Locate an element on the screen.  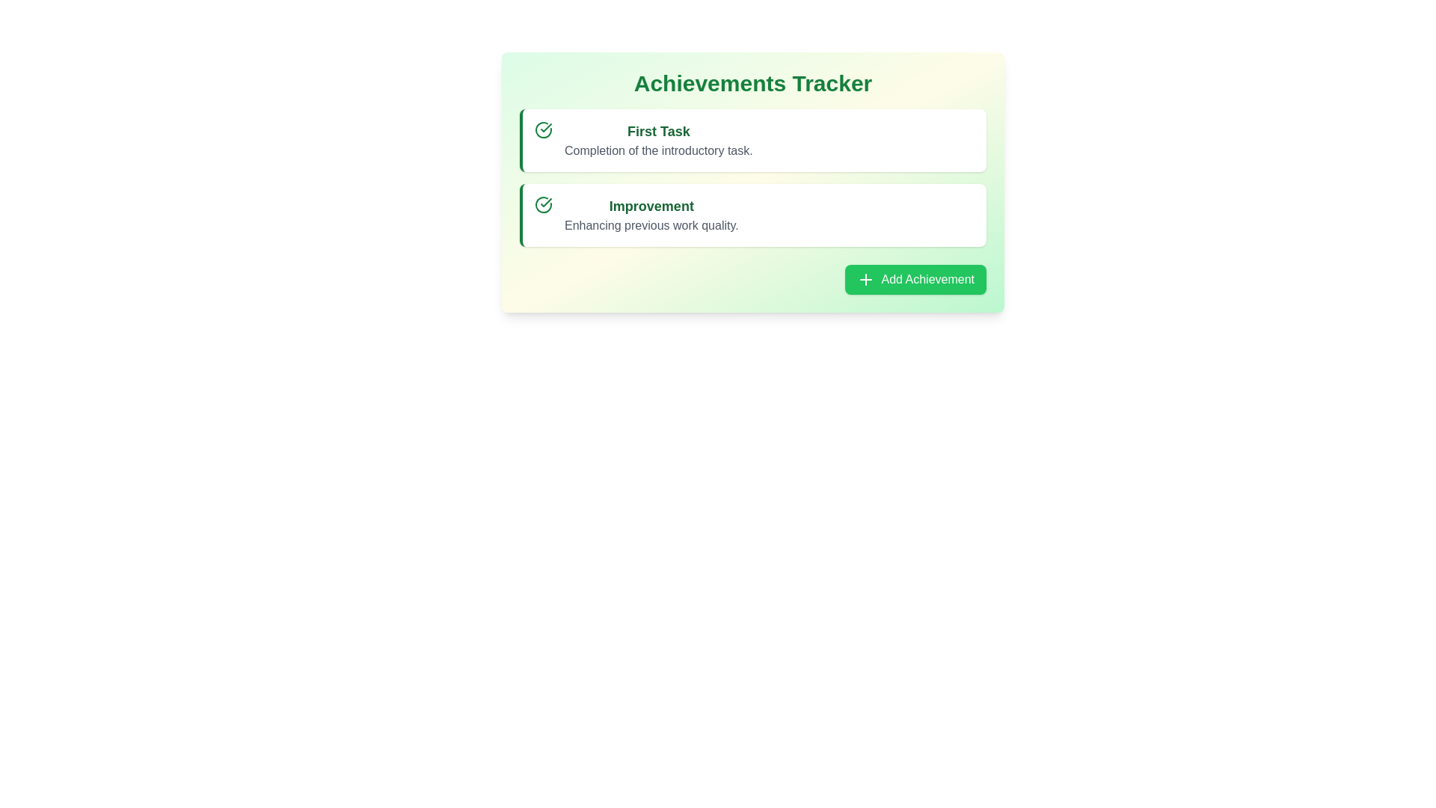
the SVG icon representing a check or success, which indicates the completion of a task in the 'Improvement' section of the achievements tracker interface is located at coordinates (542, 129).